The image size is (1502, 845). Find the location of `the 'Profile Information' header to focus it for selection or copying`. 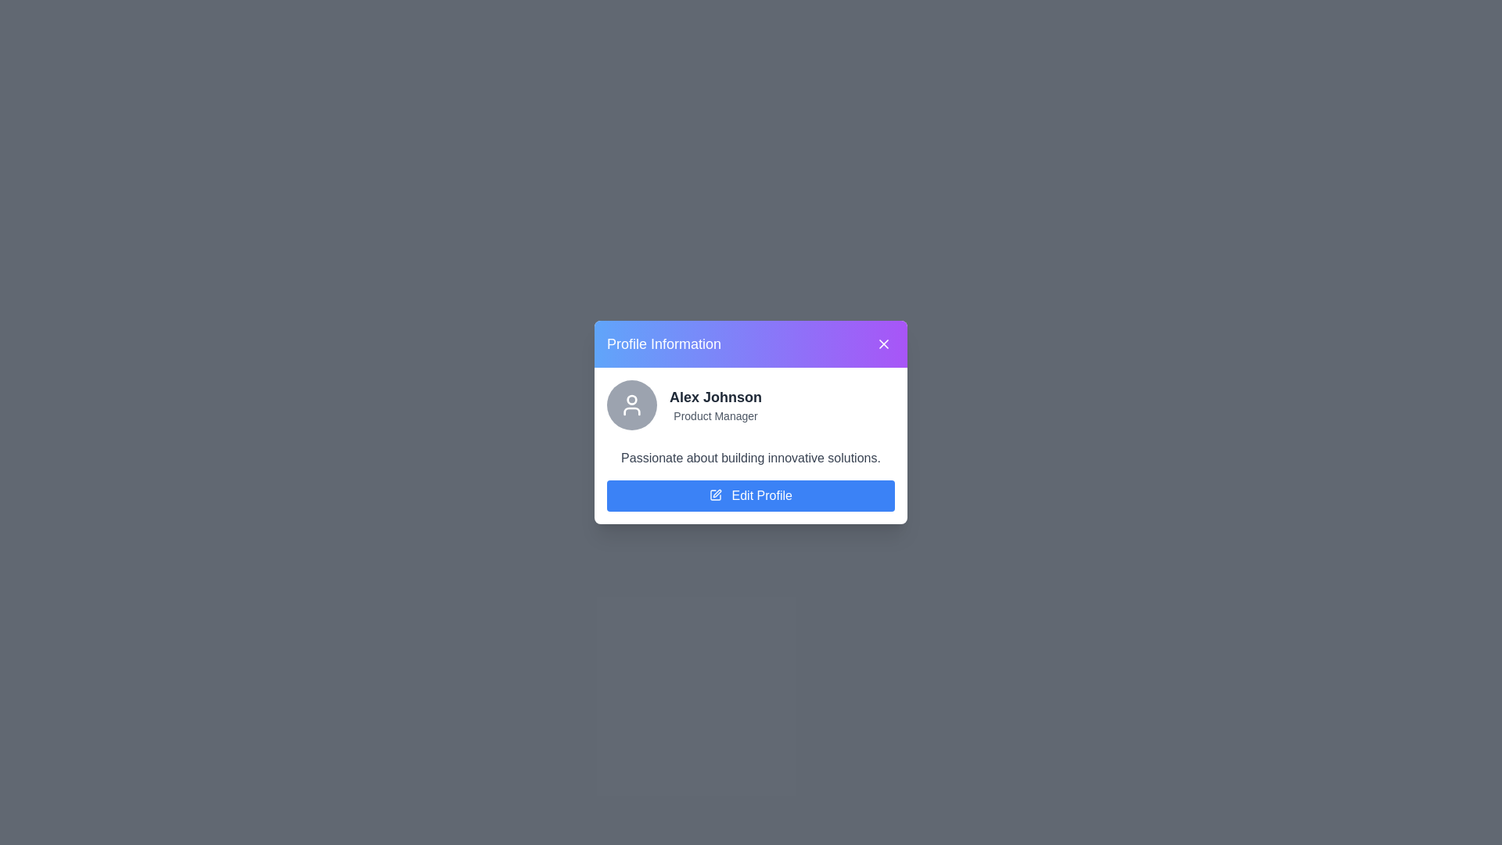

the 'Profile Information' header to focus it for selection or copying is located at coordinates (664, 343).